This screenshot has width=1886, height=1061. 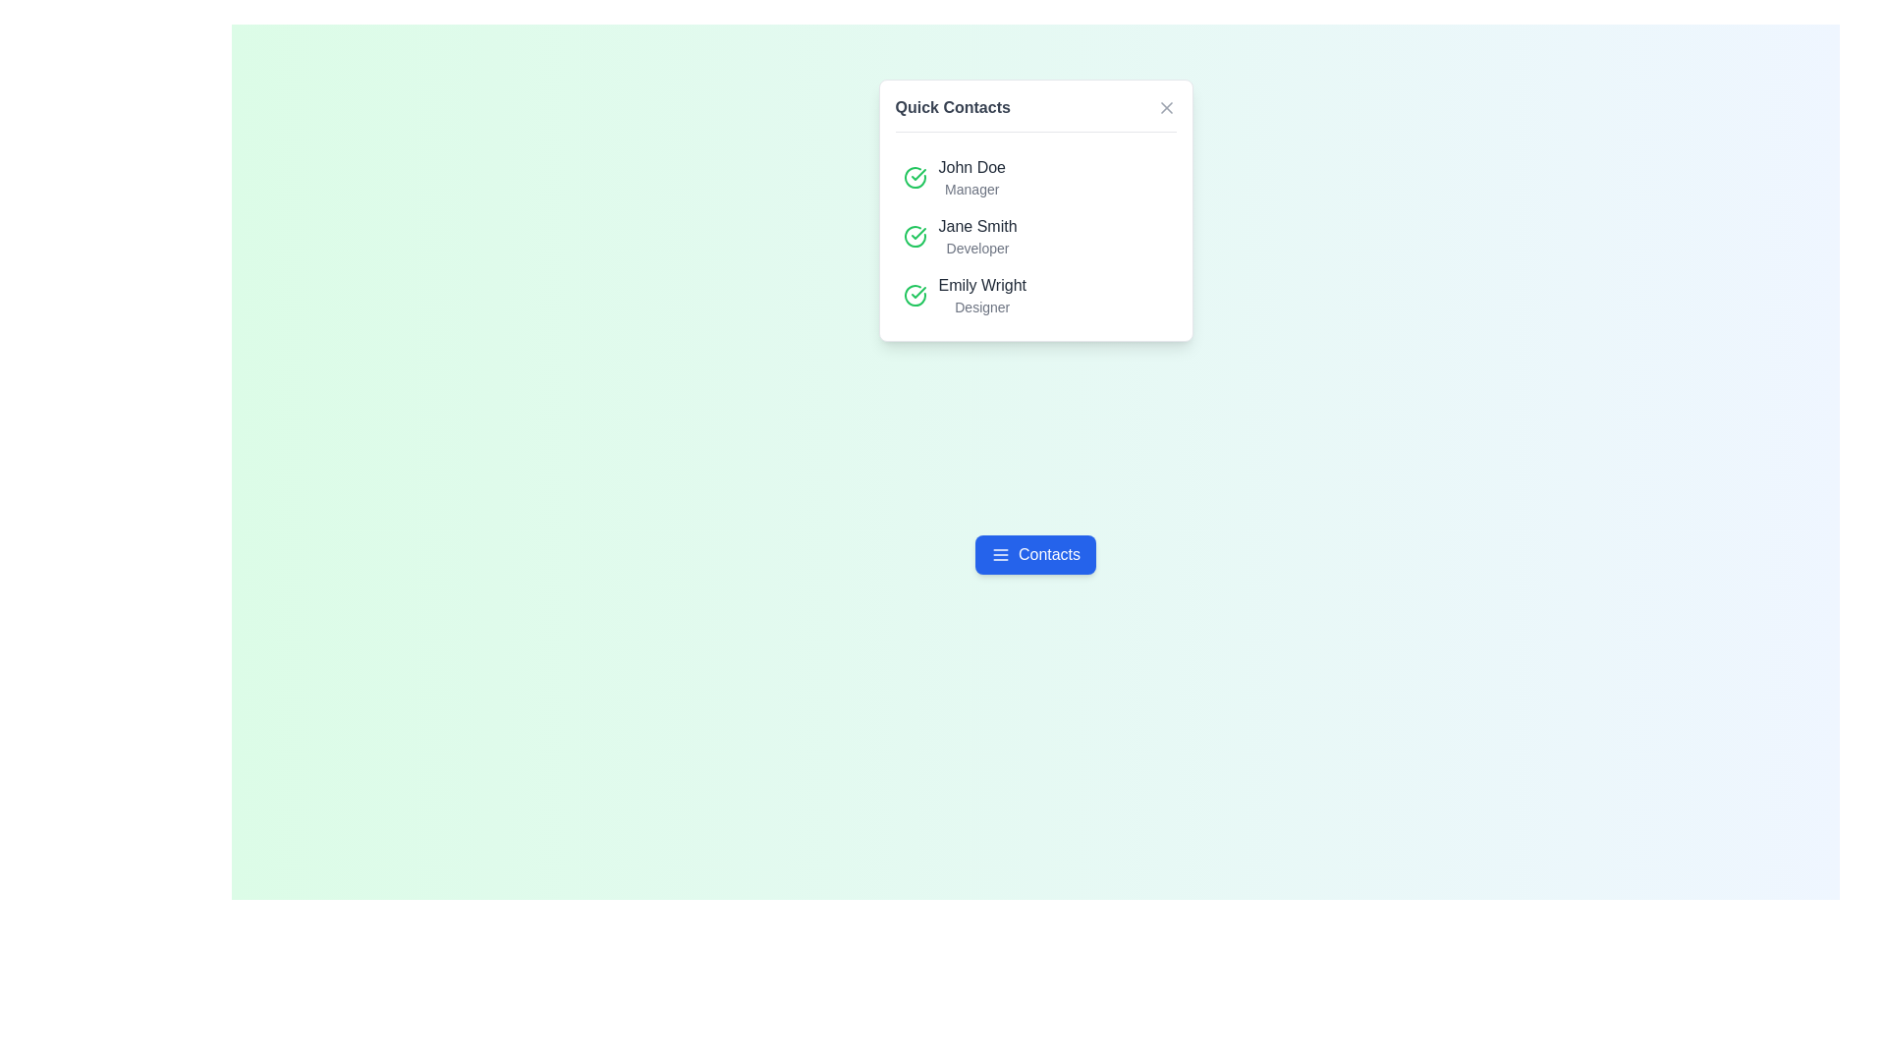 I want to click on the 'Quick Contacts' text label, which is styled in grayish bold font and located at the top left side of a popup box, so click(x=953, y=108).